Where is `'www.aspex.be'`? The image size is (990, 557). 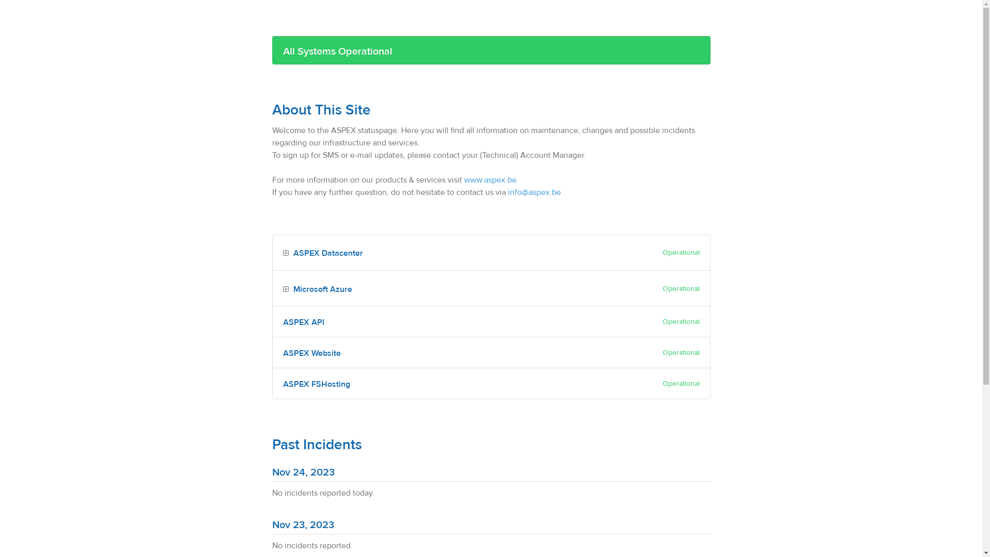
'www.aspex.be' is located at coordinates (489, 179).